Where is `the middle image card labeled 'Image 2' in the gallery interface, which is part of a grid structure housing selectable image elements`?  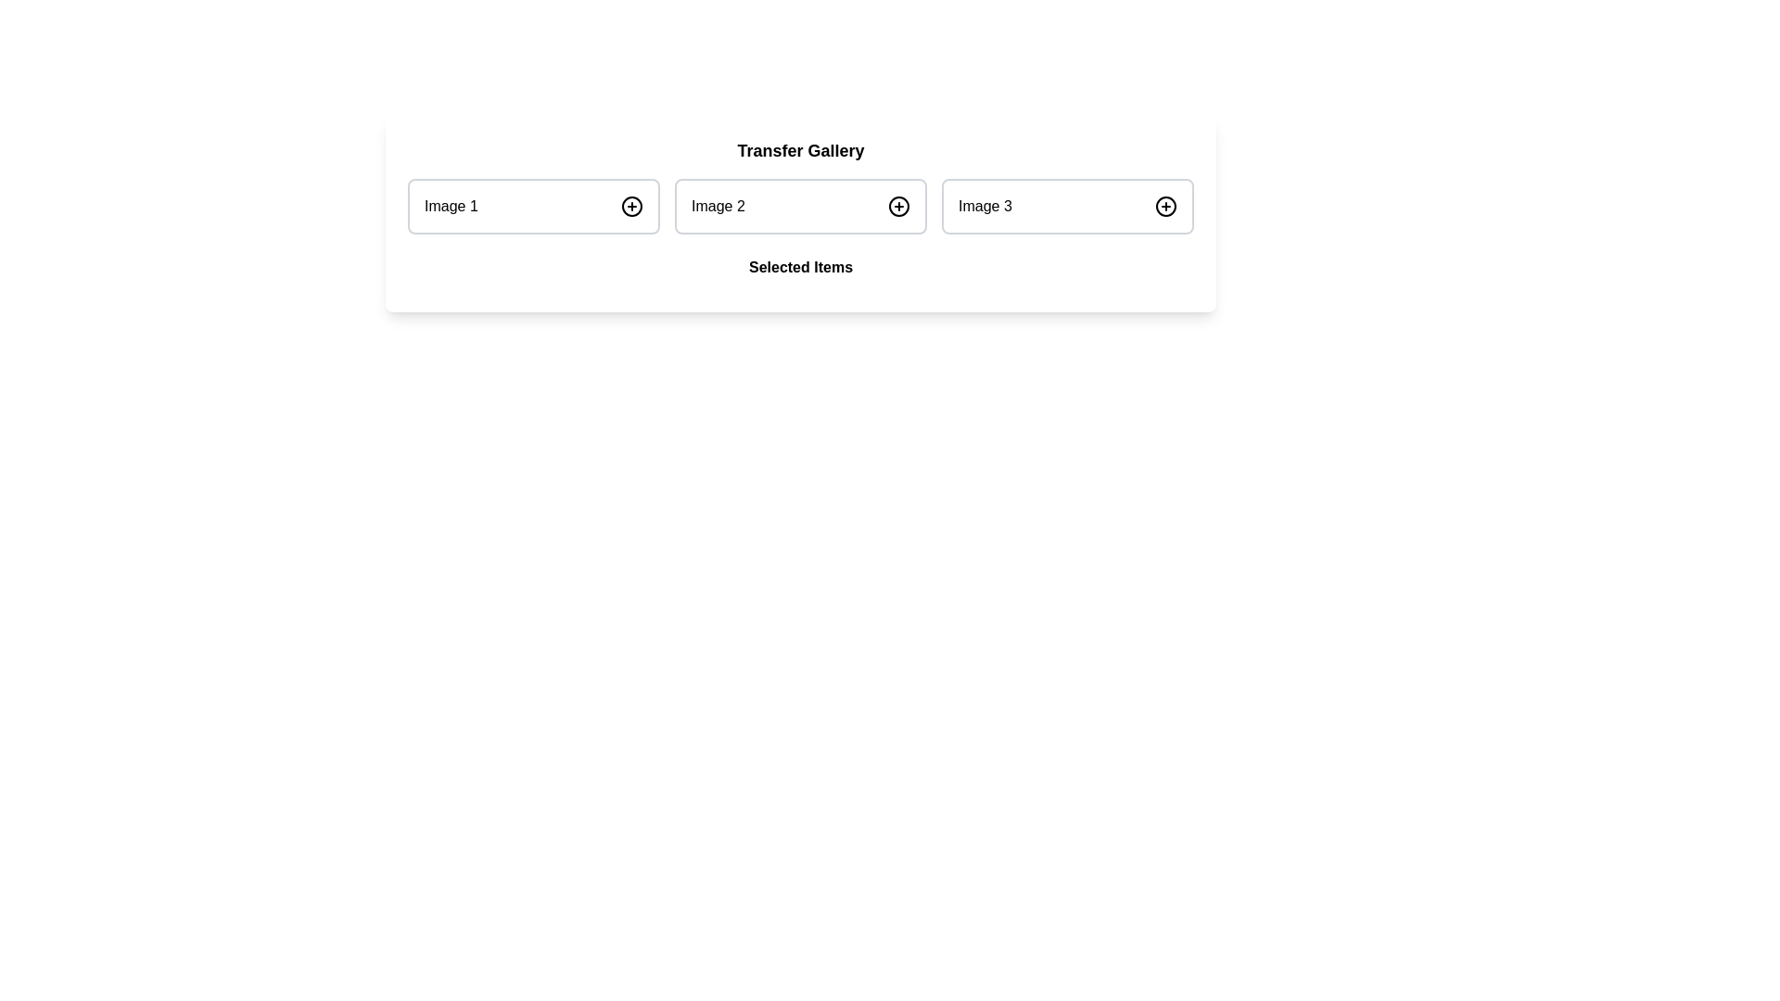 the middle image card labeled 'Image 2' in the gallery interface, which is part of a grid structure housing selectable image elements is located at coordinates (801, 213).